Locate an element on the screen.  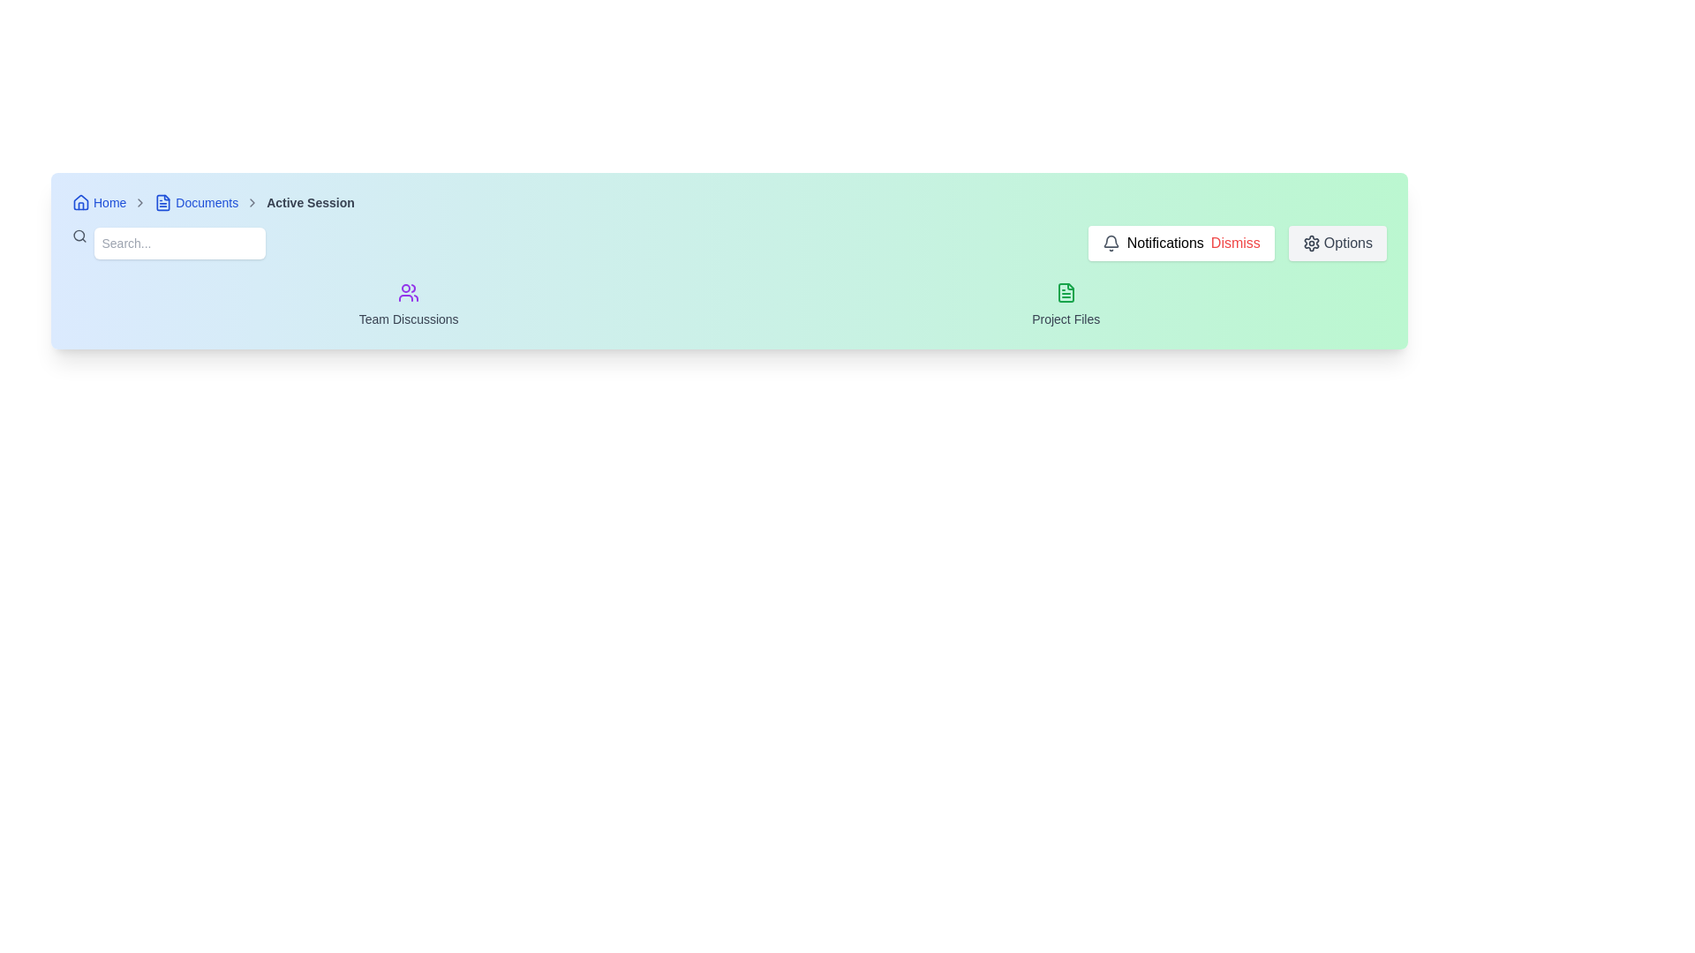
the search icon located to the left of the 'Search...' placeholder text input field to initiate the search functionality is located at coordinates (79, 235).